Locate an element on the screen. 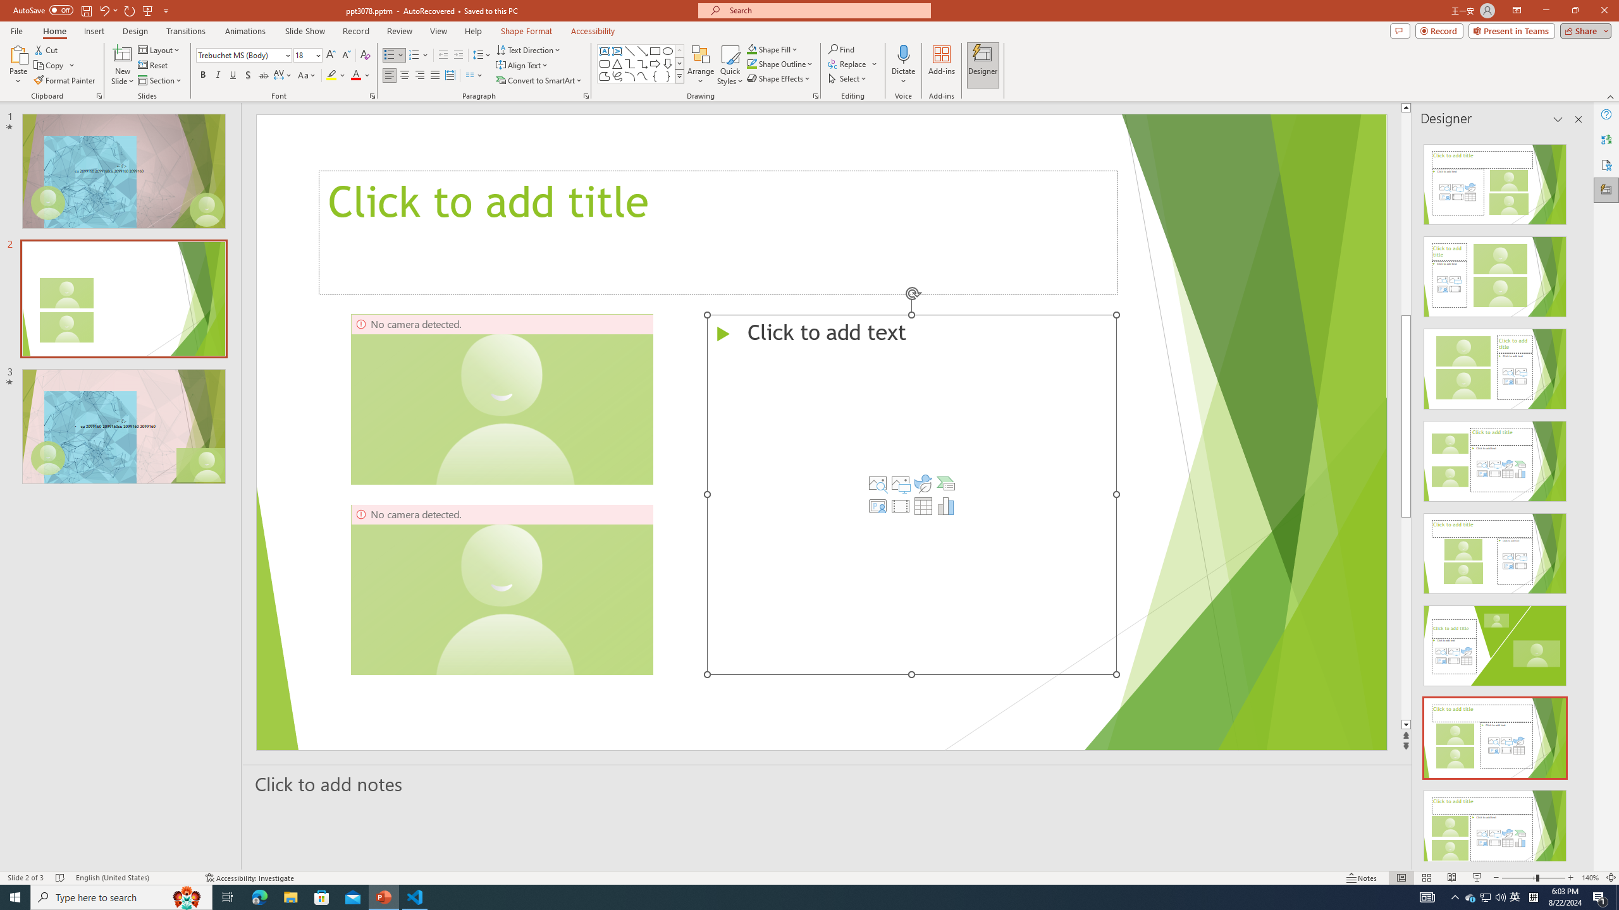 The image size is (1619, 910). 'Insert an Icon' is located at coordinates (923, 482).